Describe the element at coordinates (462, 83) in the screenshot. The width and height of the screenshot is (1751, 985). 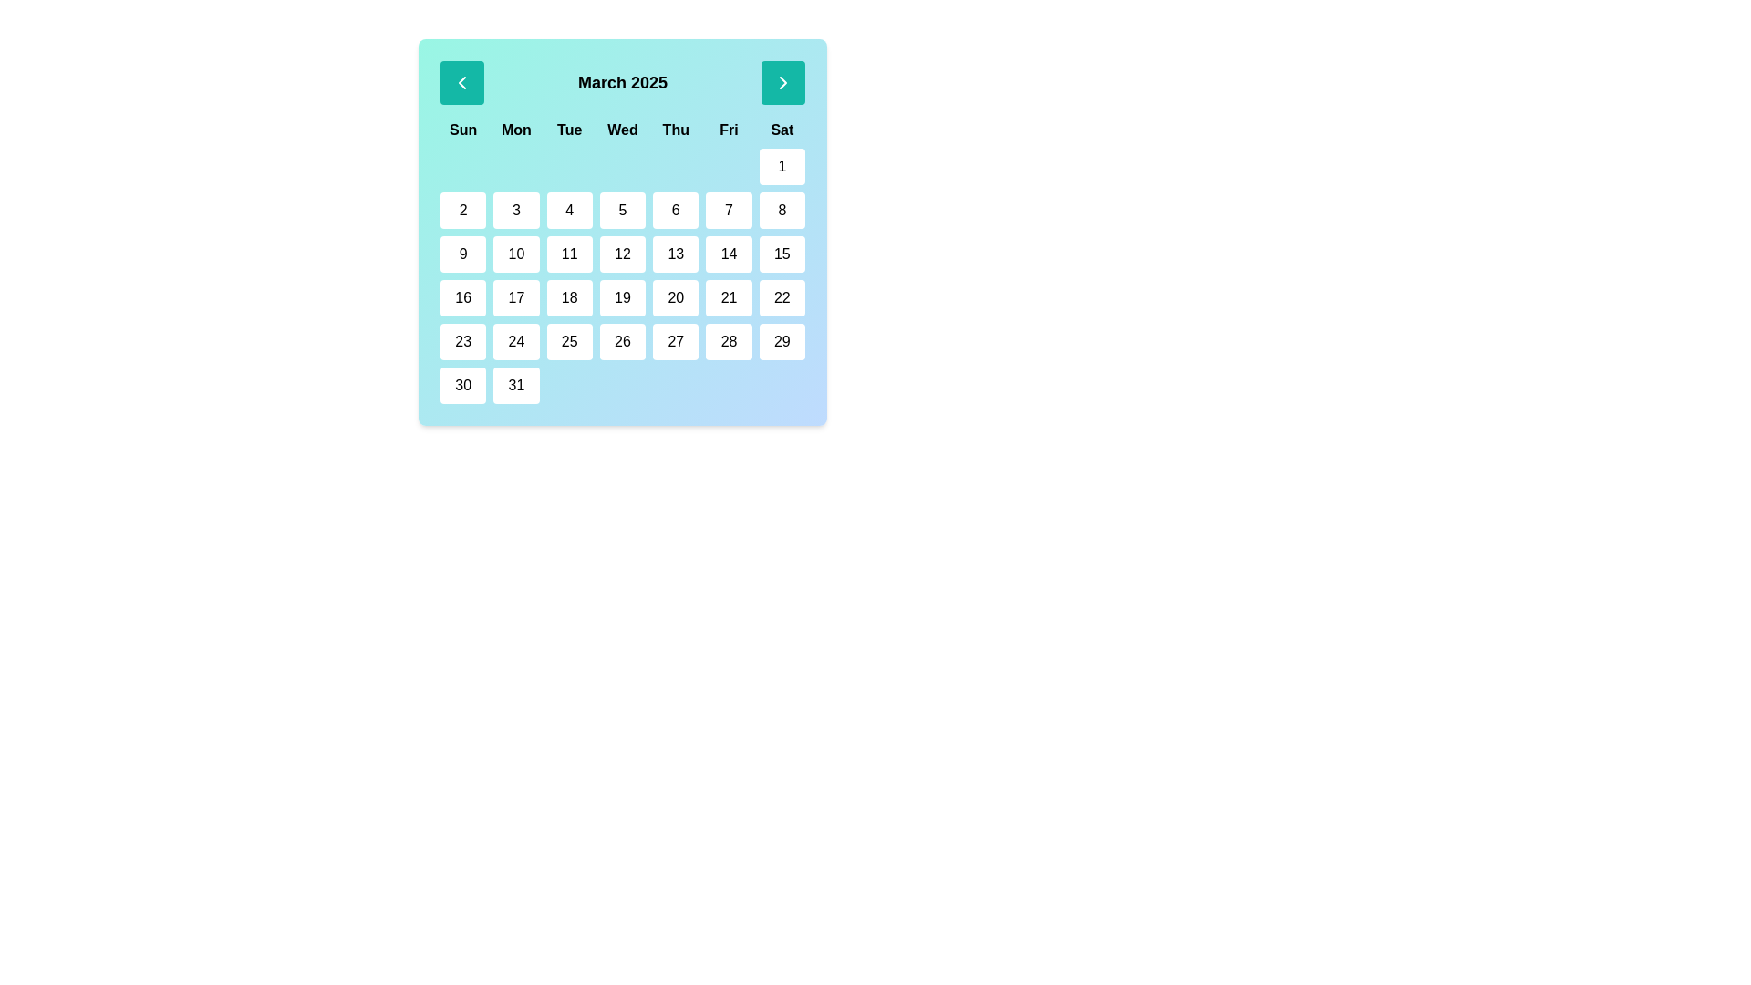
I see `the rounded teal-colored button with a leftward chevron icon located on the left side of the calendar header` at that location.